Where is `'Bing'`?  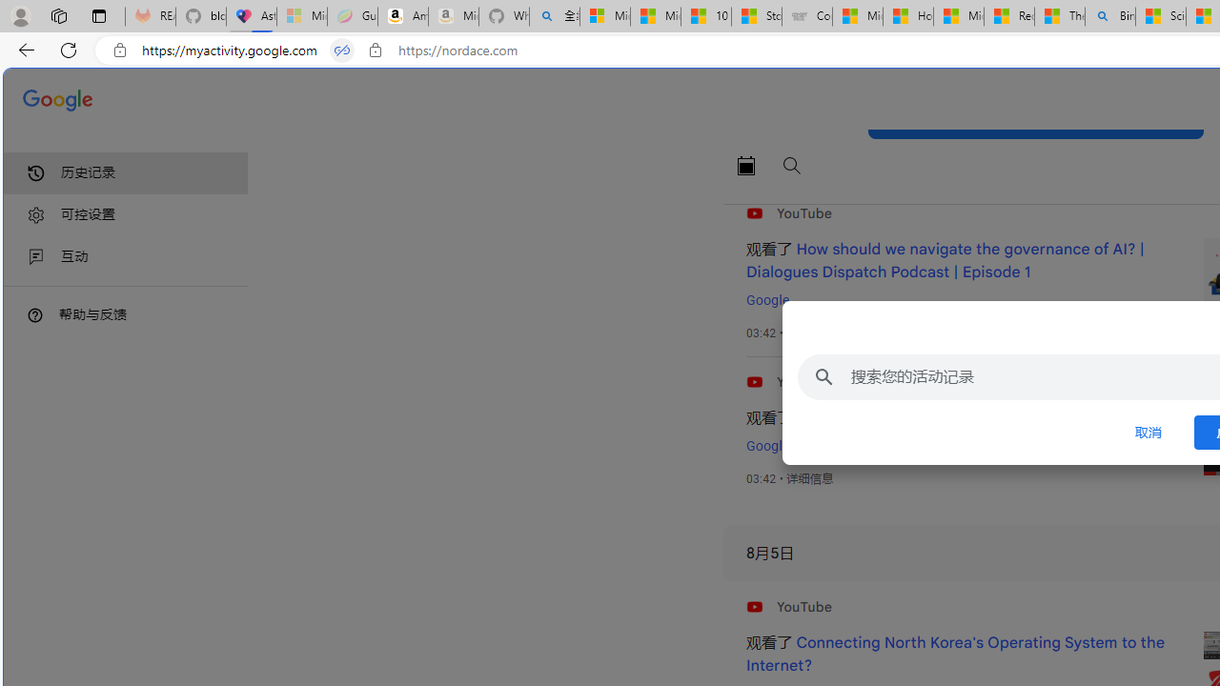
'Bing' is located at coordinates (1110, 16).